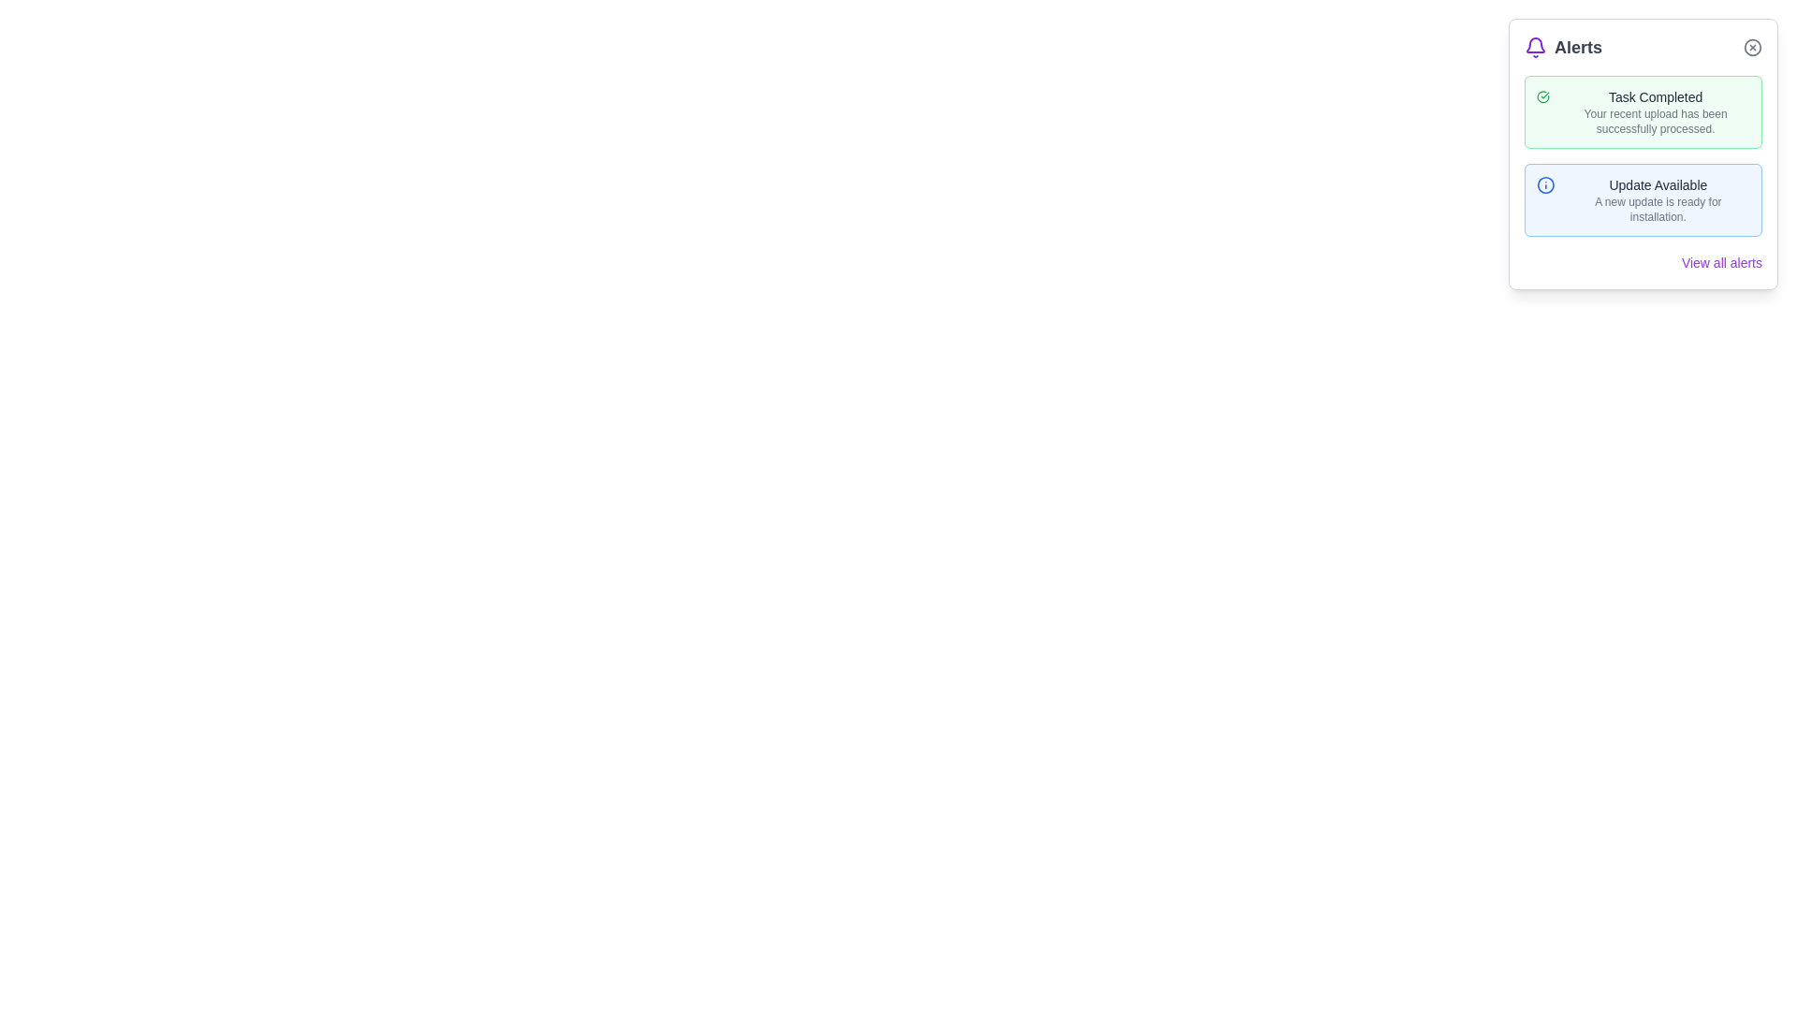 The width and height of the screenshot is (1797, 1011). What do you see at coordinates (1563, 46) in the screenshot?
I see `the header element indicating alerts or notifications, which includes a bell icon and the text 'Alerts', located at the top-left corner of the notifications panel` at bounding box center [1563, 46].